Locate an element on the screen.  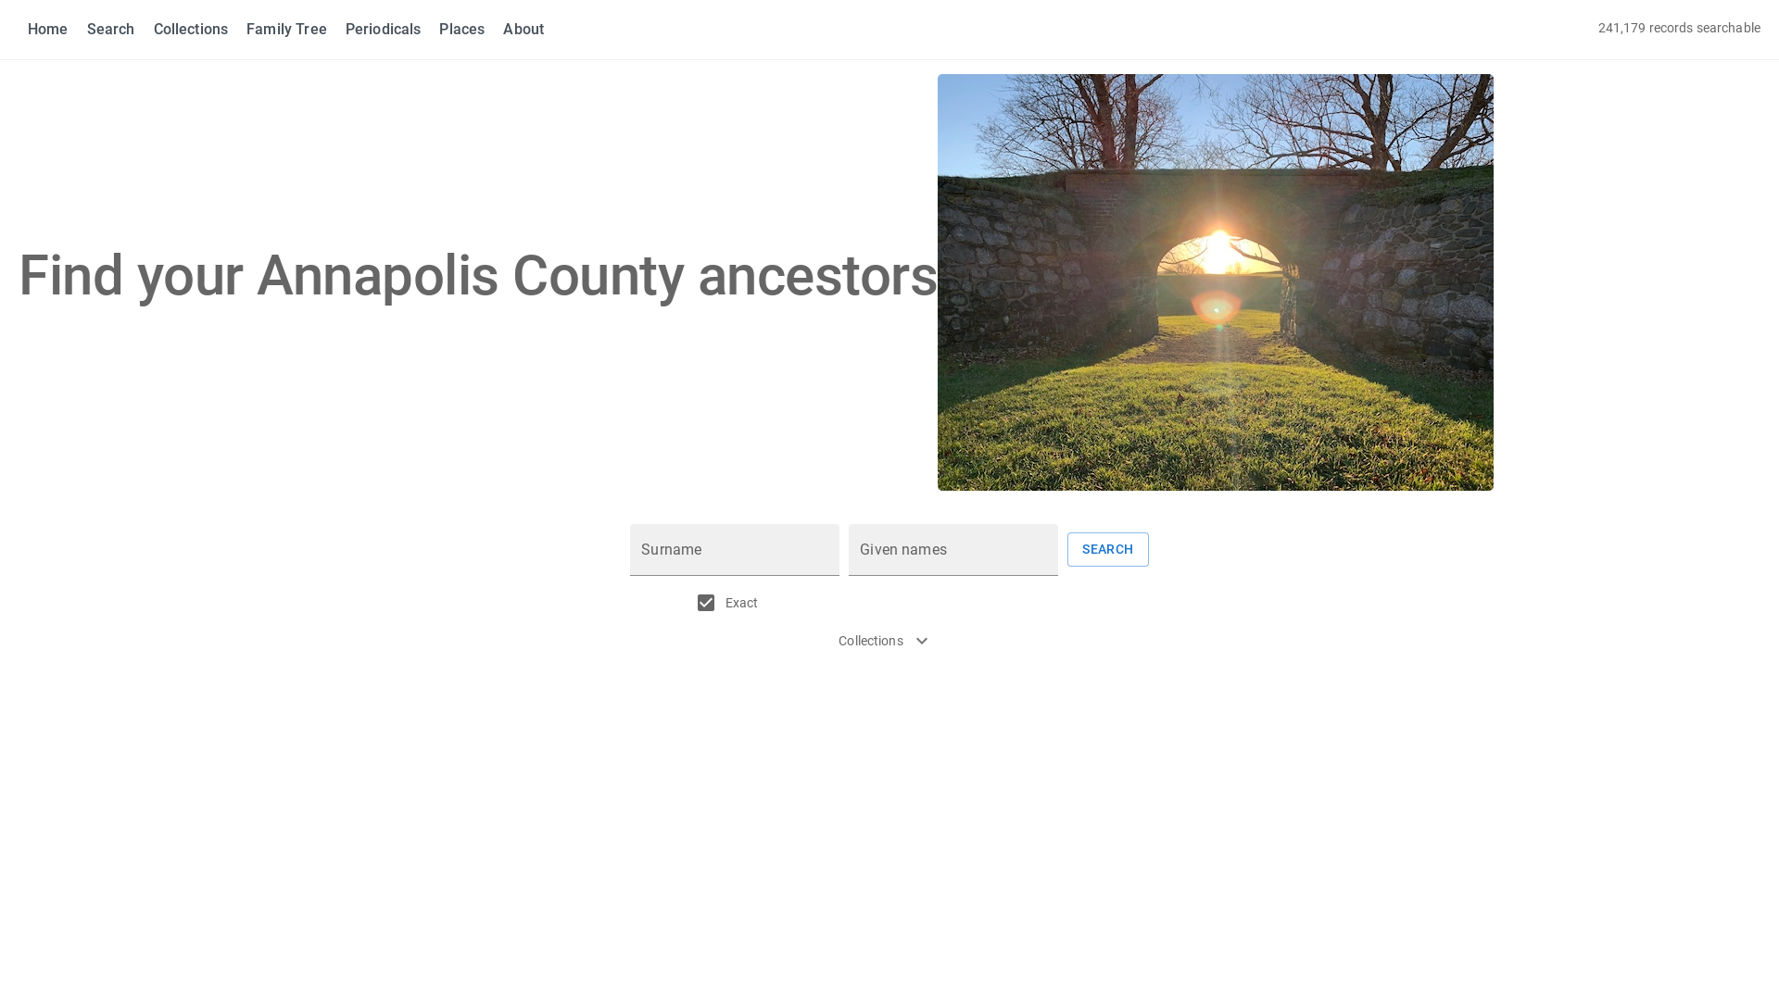
'Places' is located at coordinates (461, 29).